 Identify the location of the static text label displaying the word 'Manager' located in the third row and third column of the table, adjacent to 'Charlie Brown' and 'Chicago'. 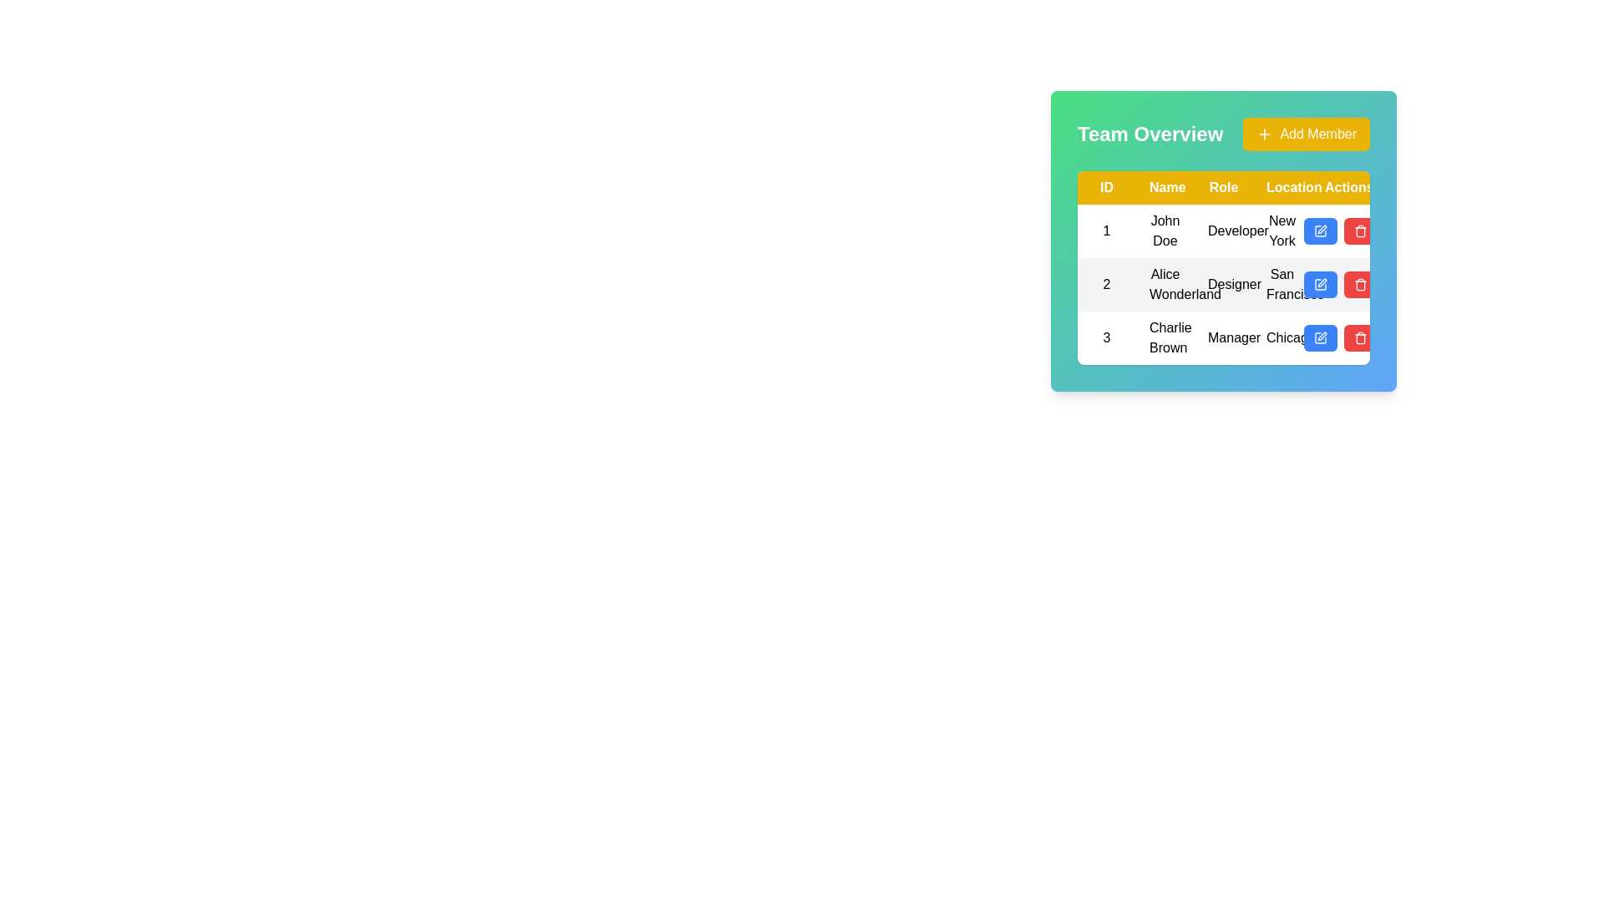
(1223, 338).